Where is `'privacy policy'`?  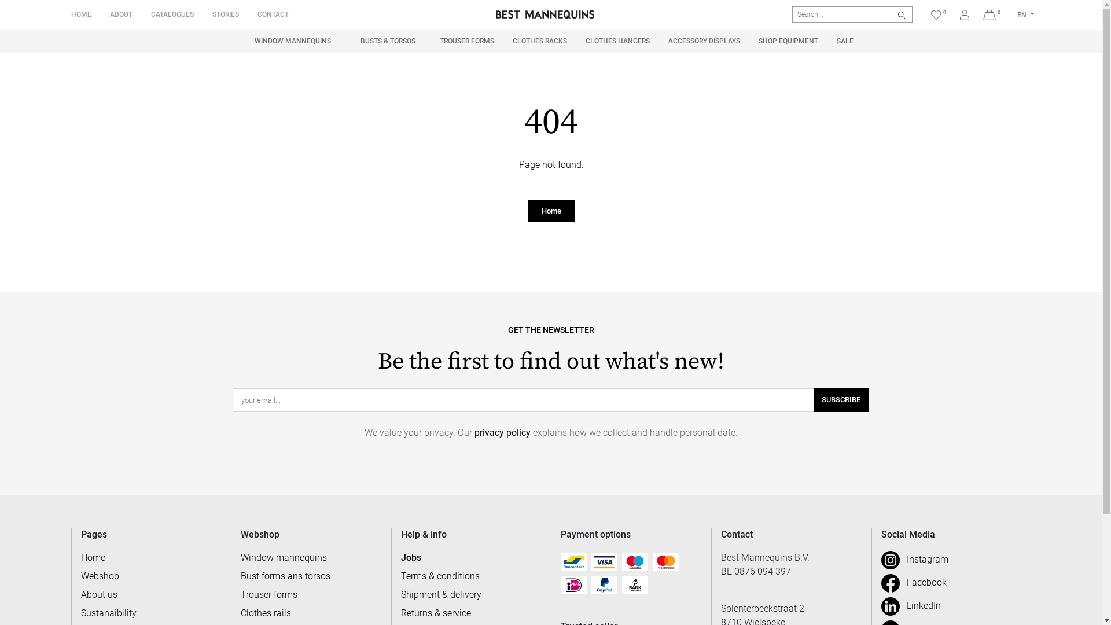 'privacy policy' is located at coordinates (502, 432).